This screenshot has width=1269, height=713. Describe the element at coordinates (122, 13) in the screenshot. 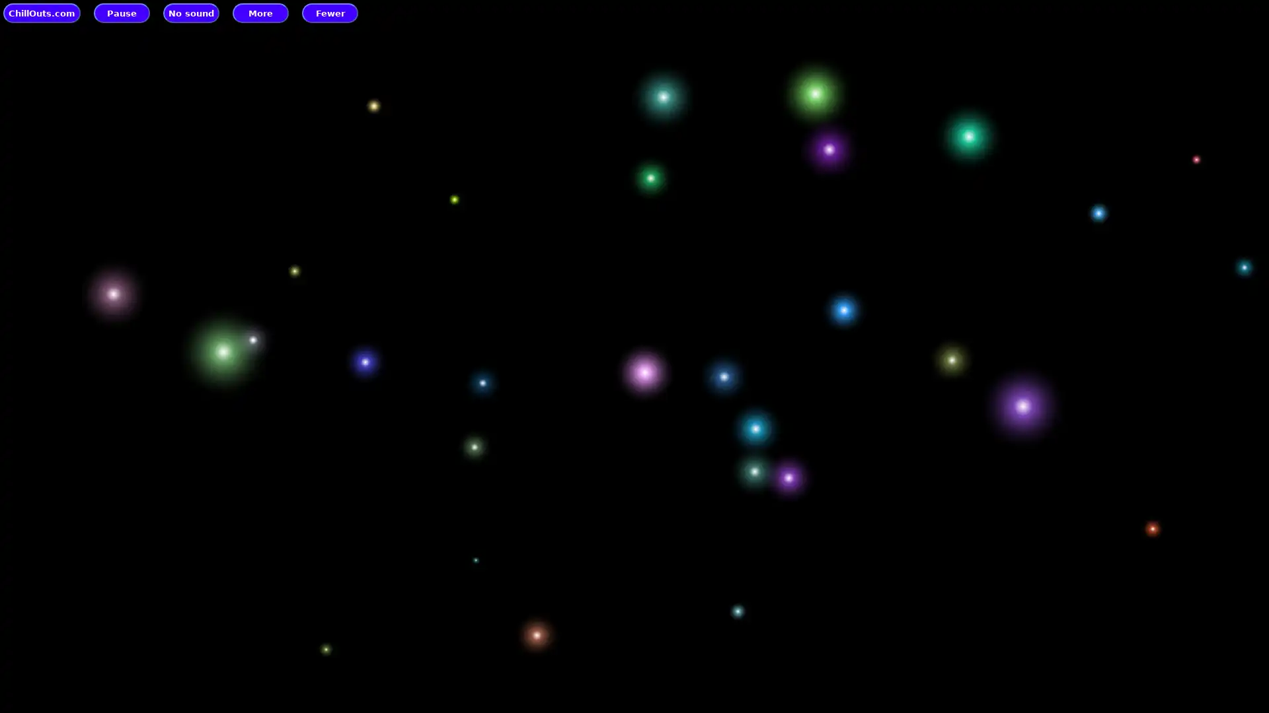

I see `Pause` at that location.